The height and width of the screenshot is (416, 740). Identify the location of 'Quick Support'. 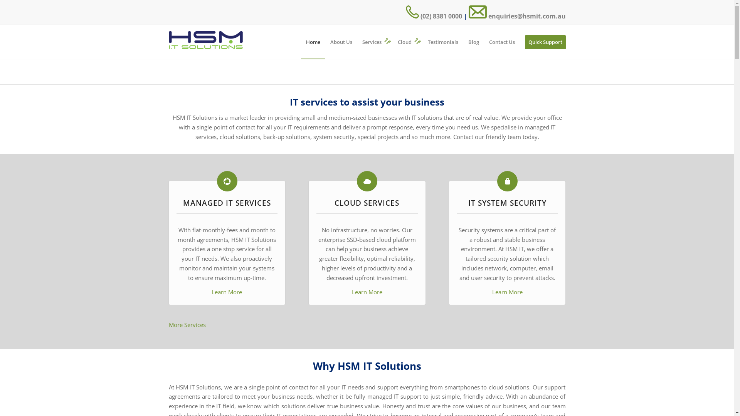
(542, 42).